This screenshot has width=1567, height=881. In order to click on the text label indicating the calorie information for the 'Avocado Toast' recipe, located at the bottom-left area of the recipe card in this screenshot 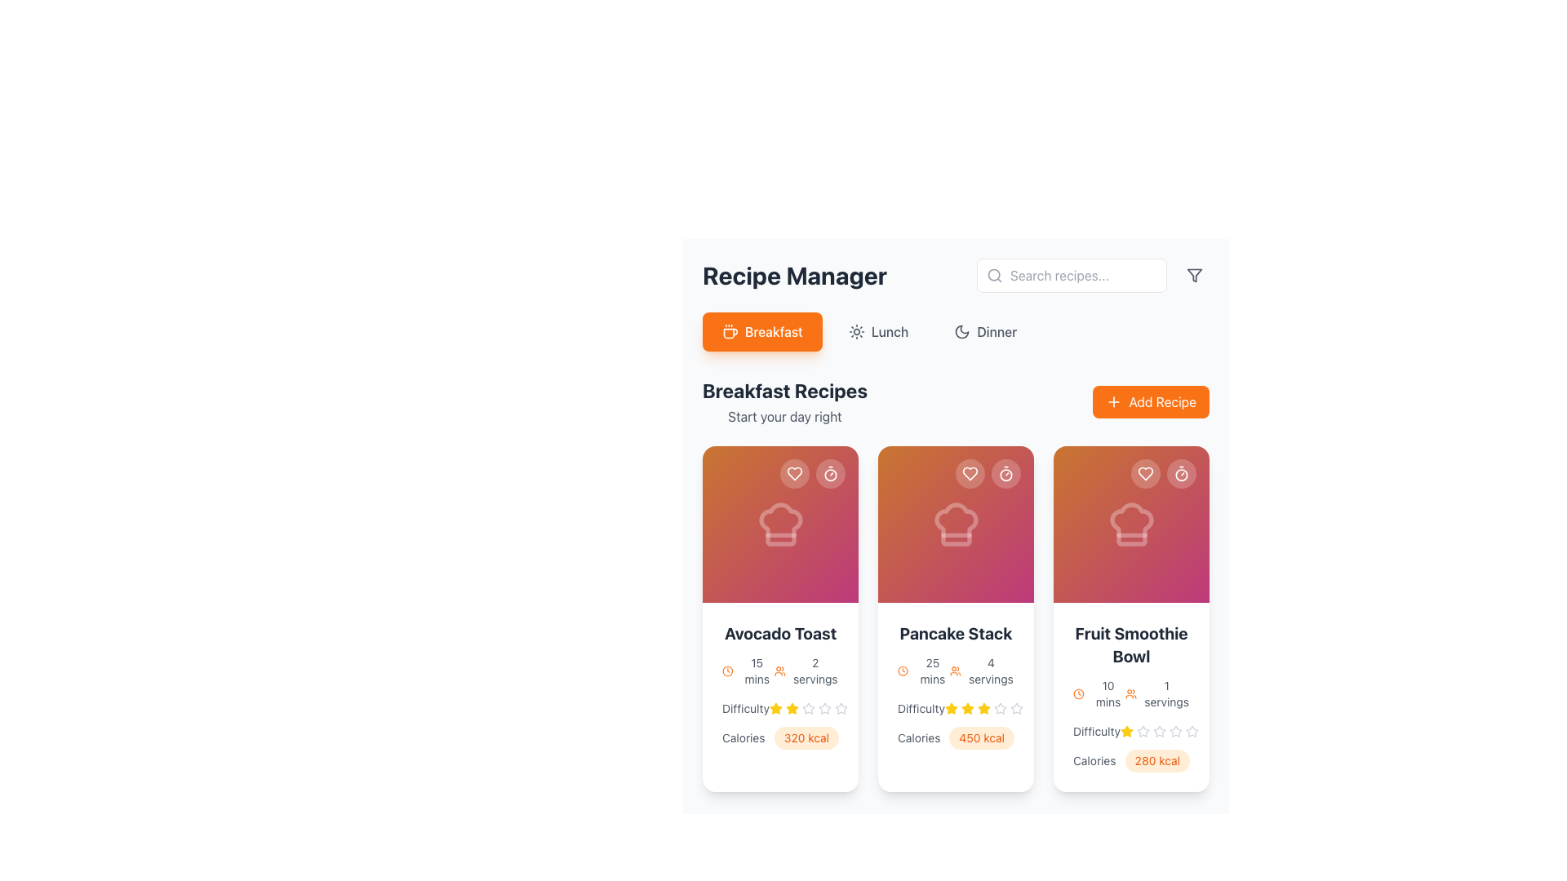, I will do `click(743, 738)`.